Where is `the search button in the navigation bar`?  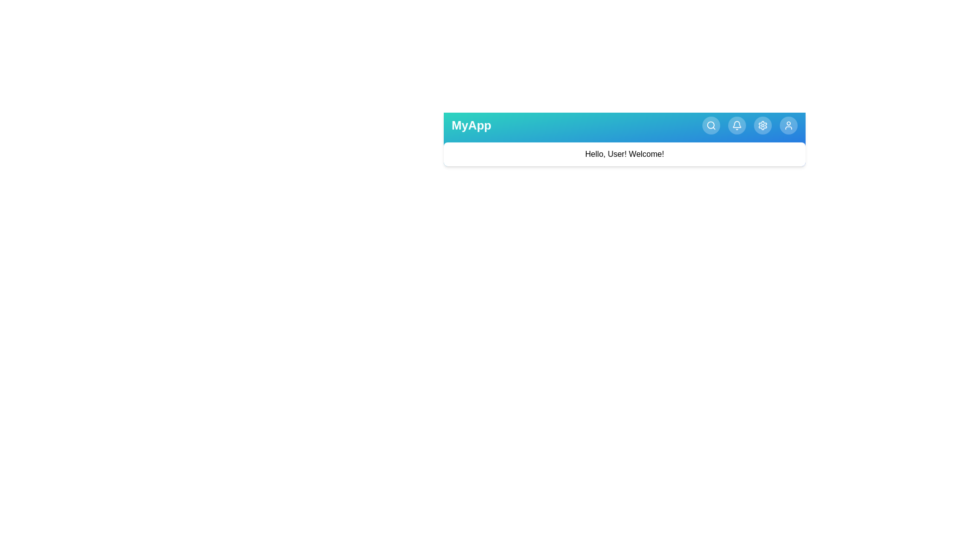
the search button in the navigation bar is located at coordinates (711, 125).